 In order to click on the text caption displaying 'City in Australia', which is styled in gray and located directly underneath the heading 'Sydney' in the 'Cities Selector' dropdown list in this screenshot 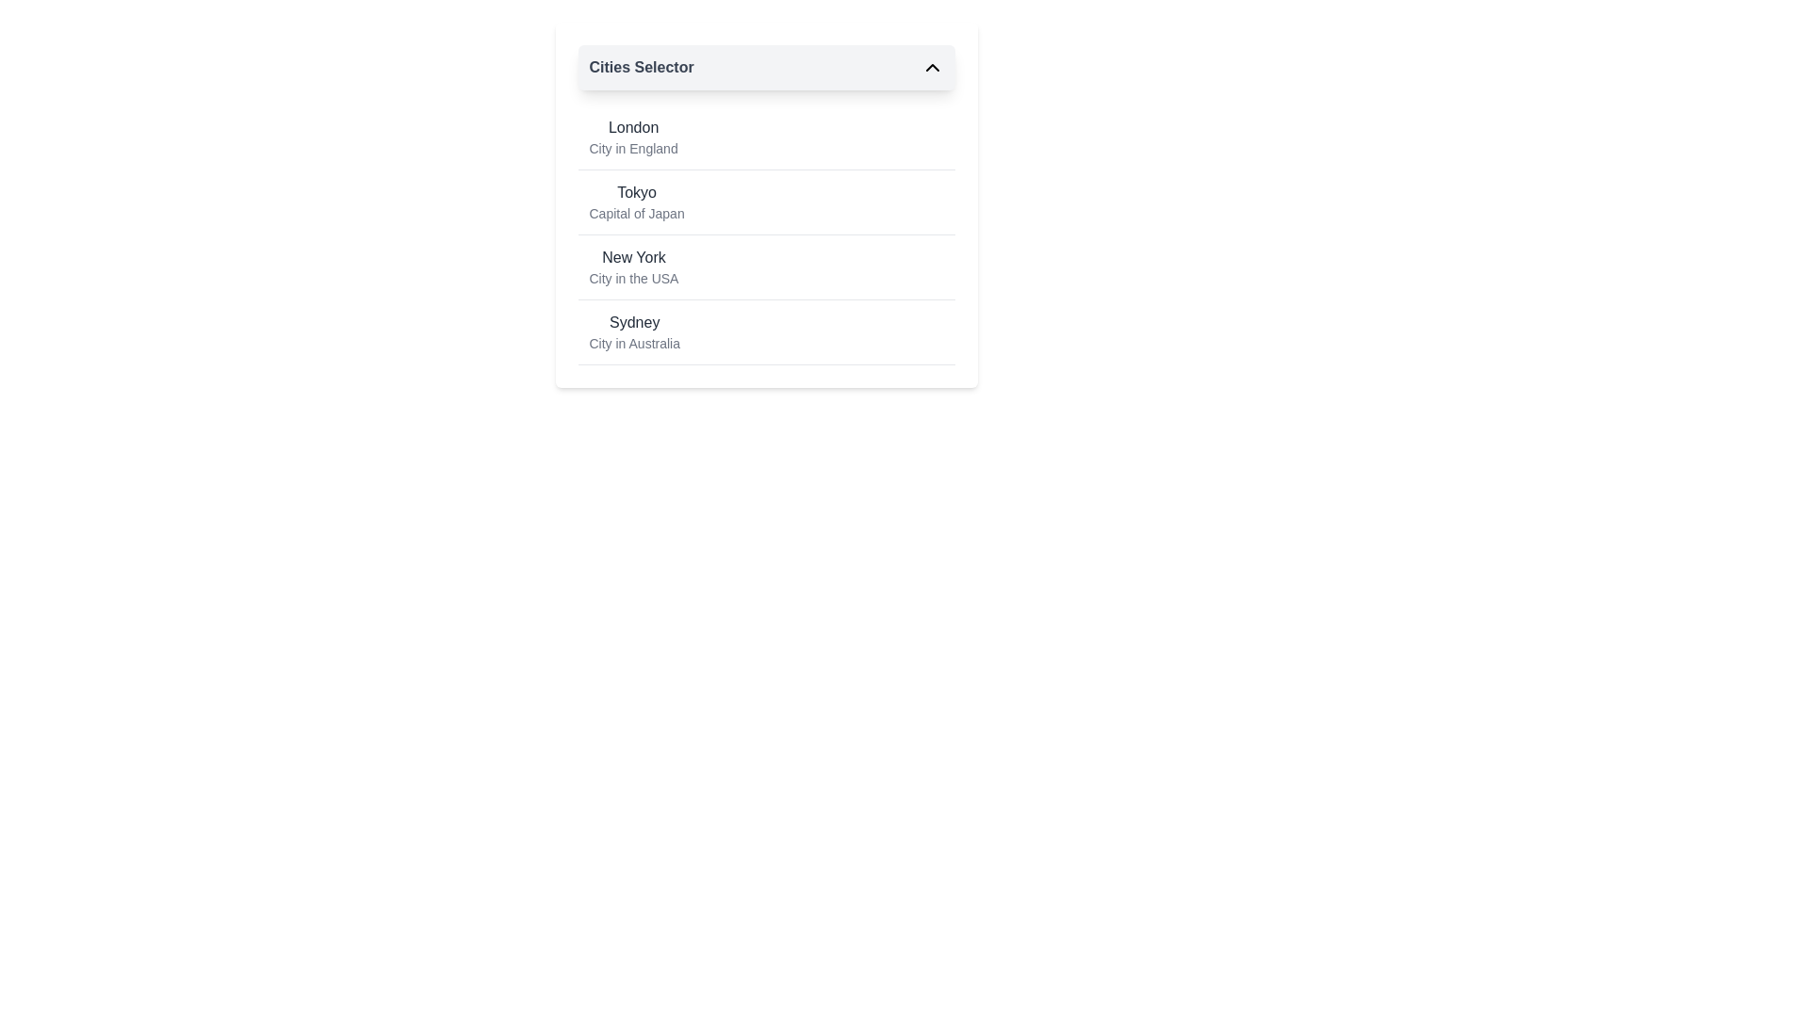, I will do `click(634, 344)`.